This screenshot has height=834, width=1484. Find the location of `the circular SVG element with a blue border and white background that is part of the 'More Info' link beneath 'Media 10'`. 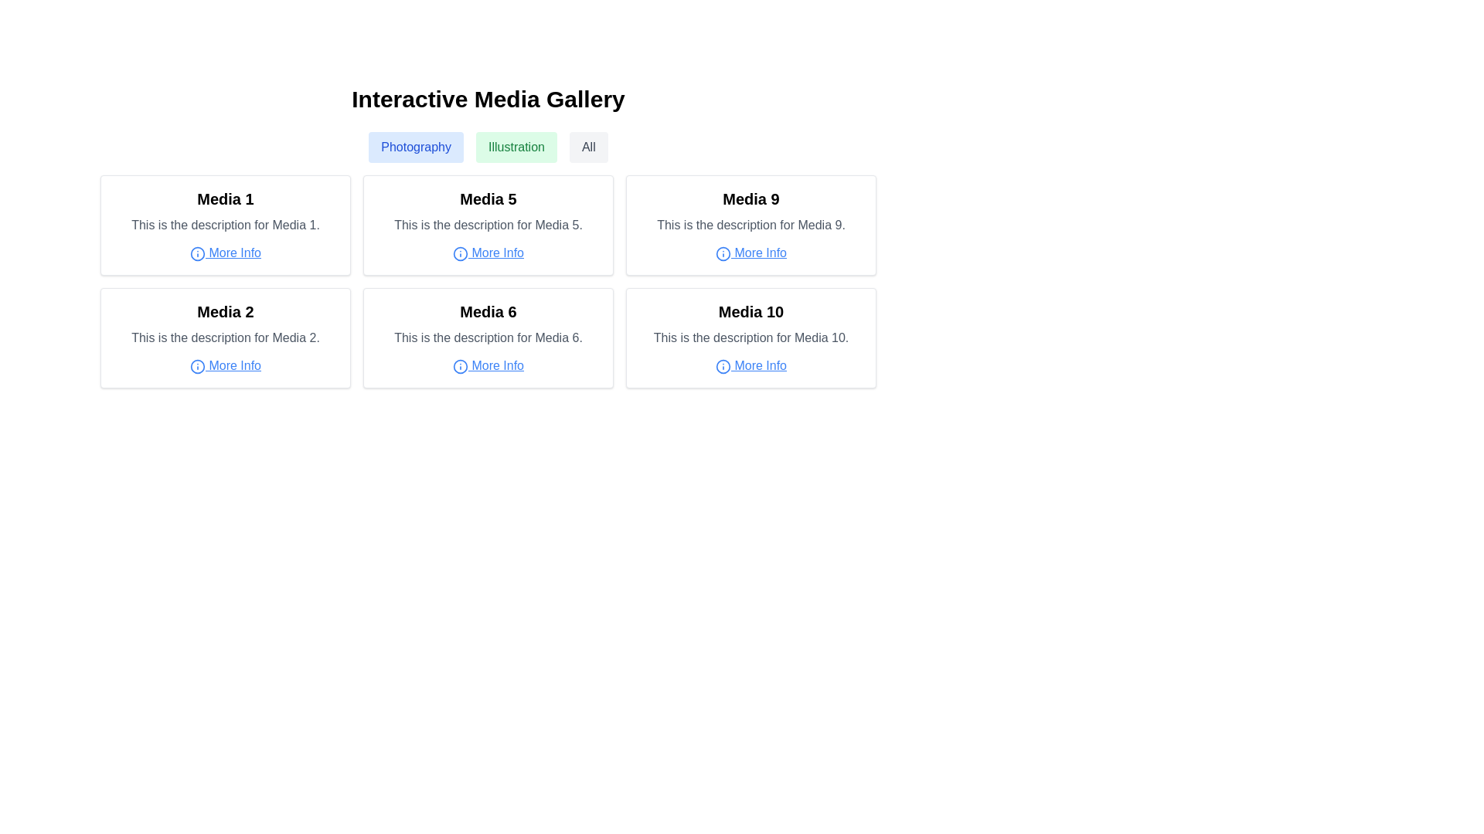

the circular SVG element with a blue border and white background that is part of the 'More Info' link beneath 'Media 10' is located at coordinates (723, 366).